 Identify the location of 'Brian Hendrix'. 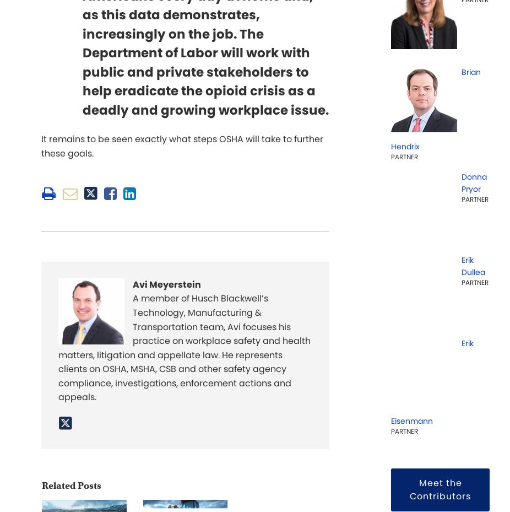
(436, 109).